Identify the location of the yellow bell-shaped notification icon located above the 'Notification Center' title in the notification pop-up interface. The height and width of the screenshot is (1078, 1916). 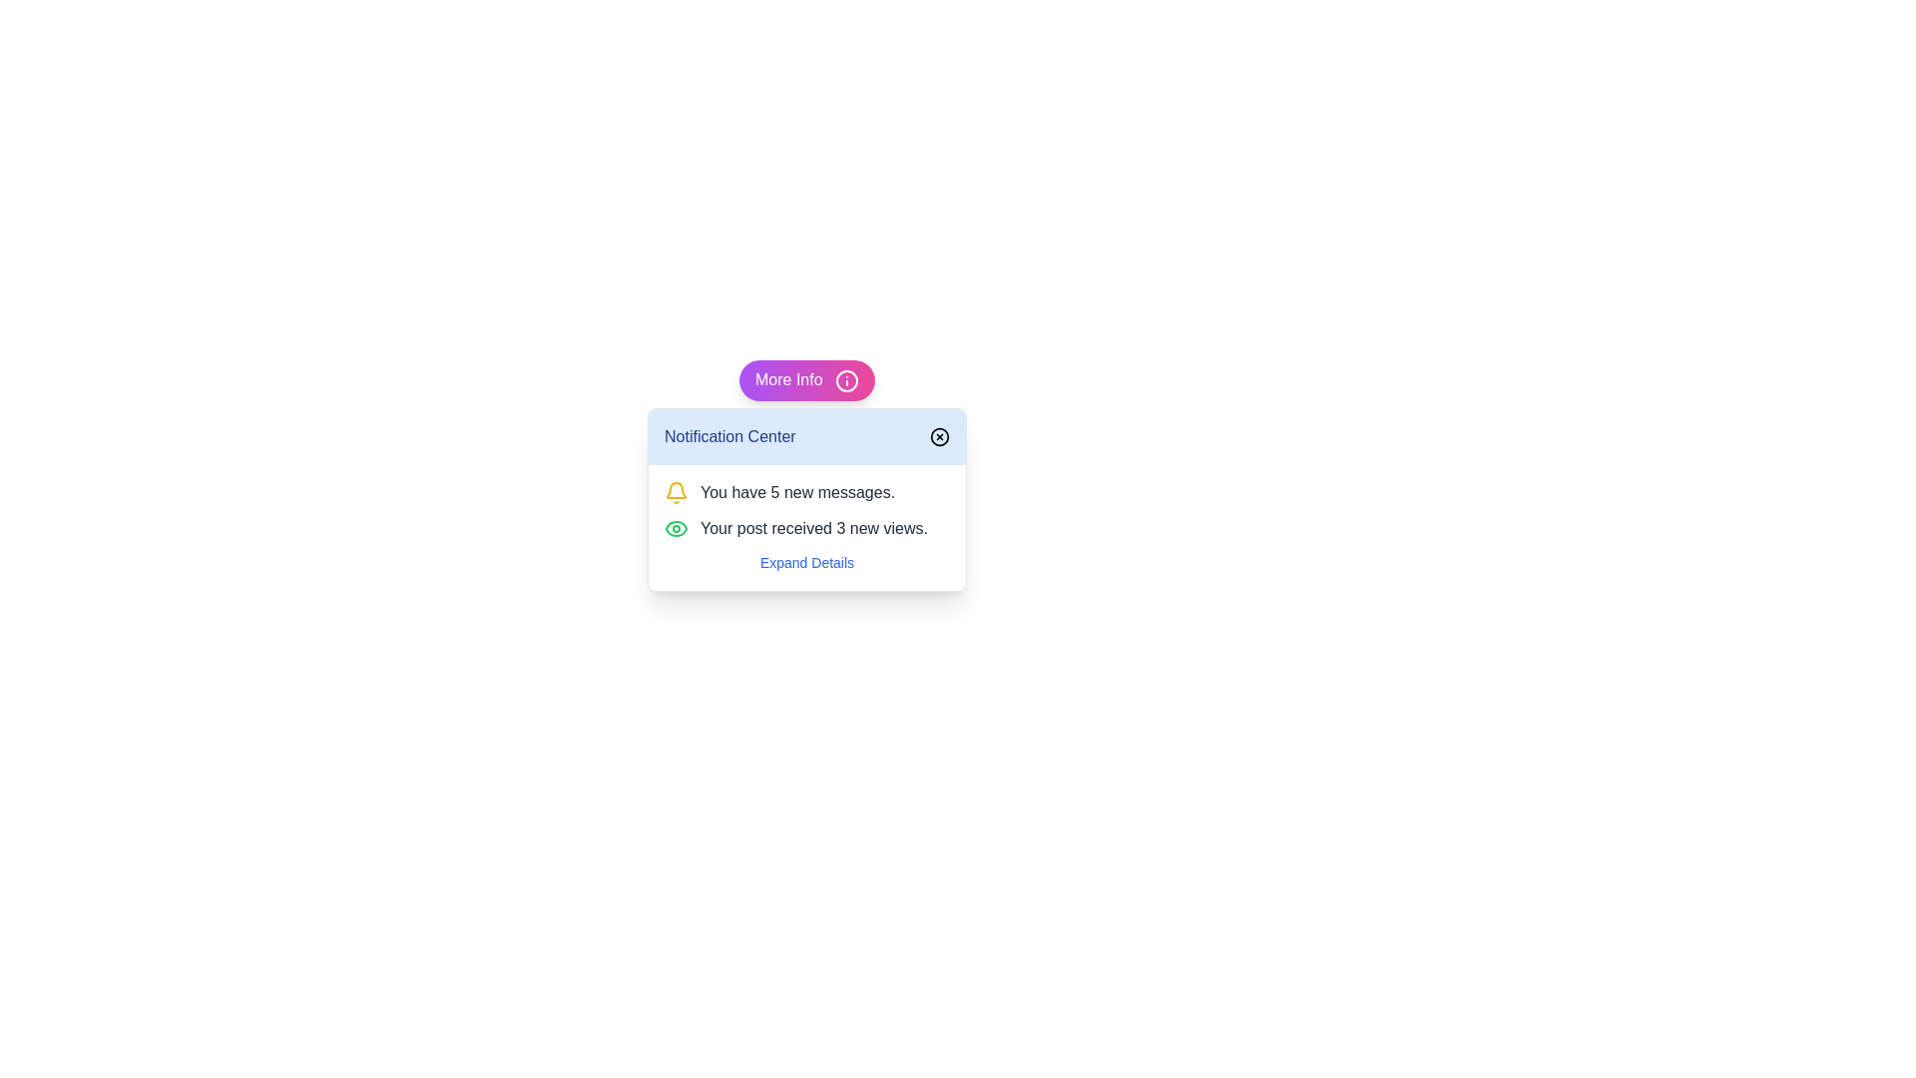
(676, 490).